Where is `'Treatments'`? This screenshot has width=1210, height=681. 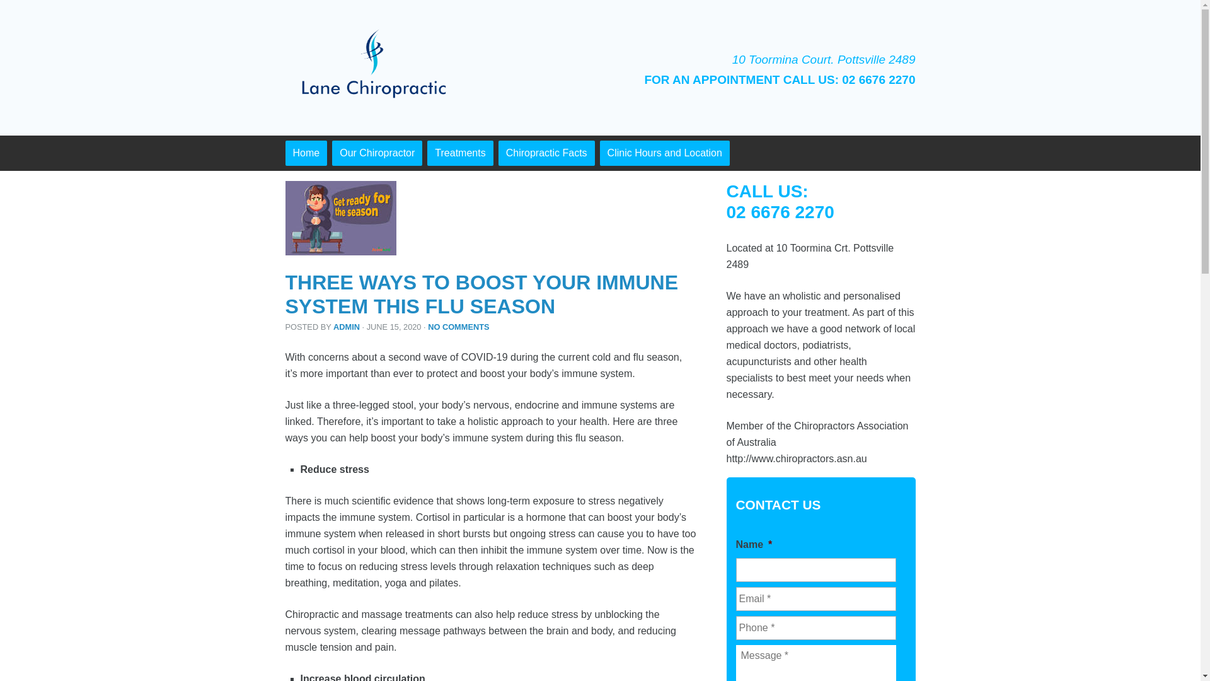 'Treatments' is located at coordinates (427, 153).